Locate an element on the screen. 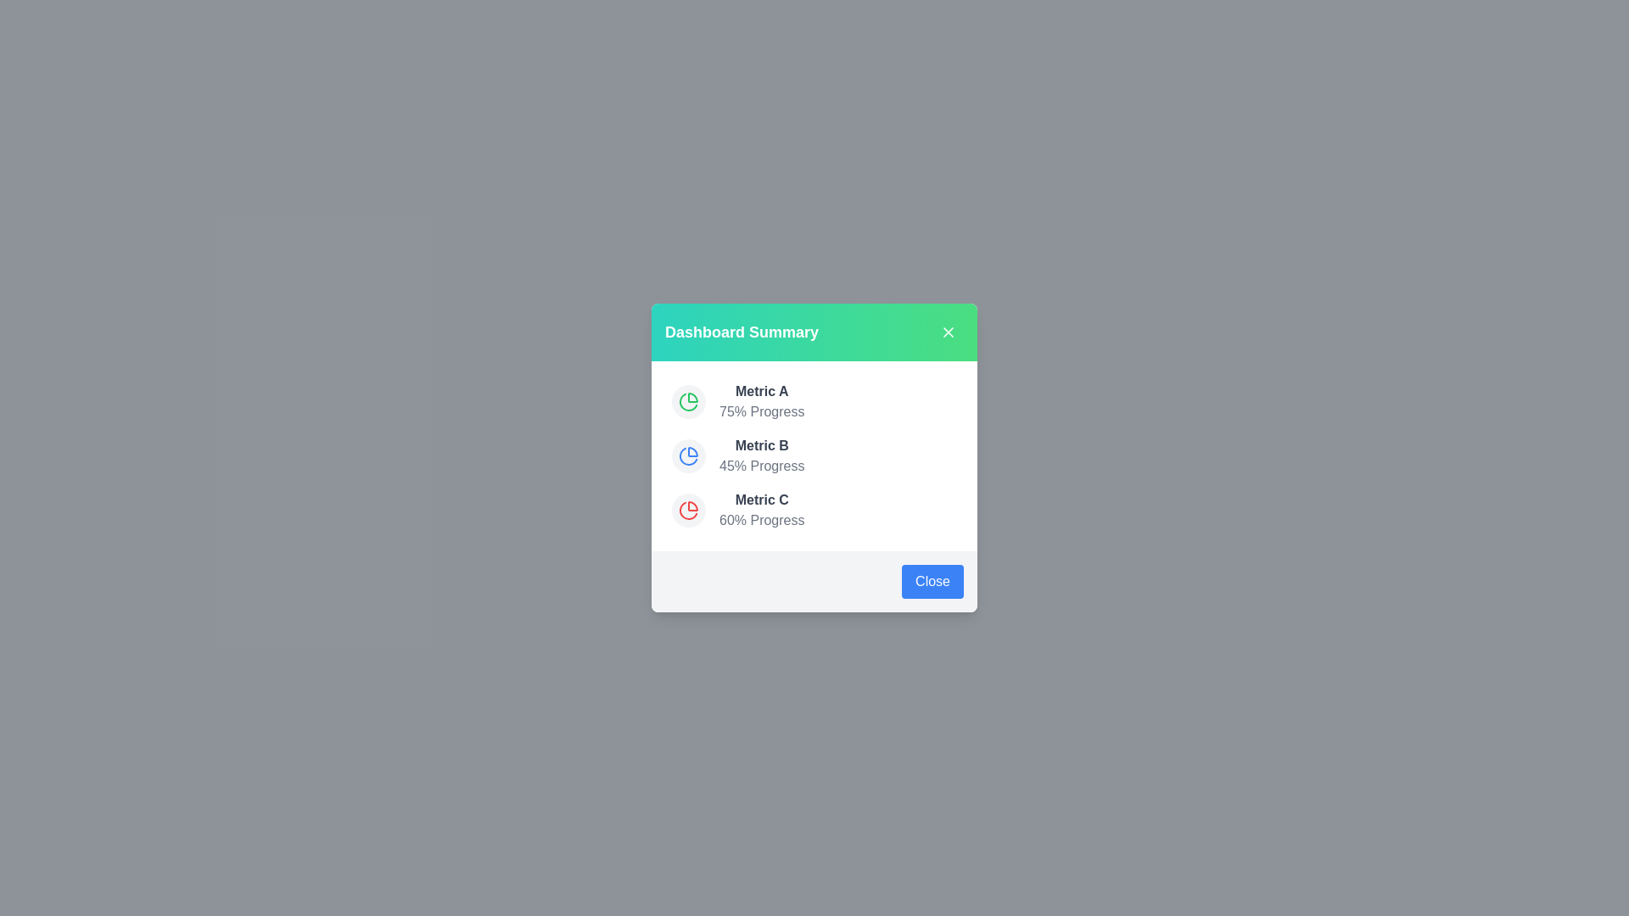 The width and height of the screenshot is (1629, 916). the dialog header to focus on it is located at coordinates (814, 332).